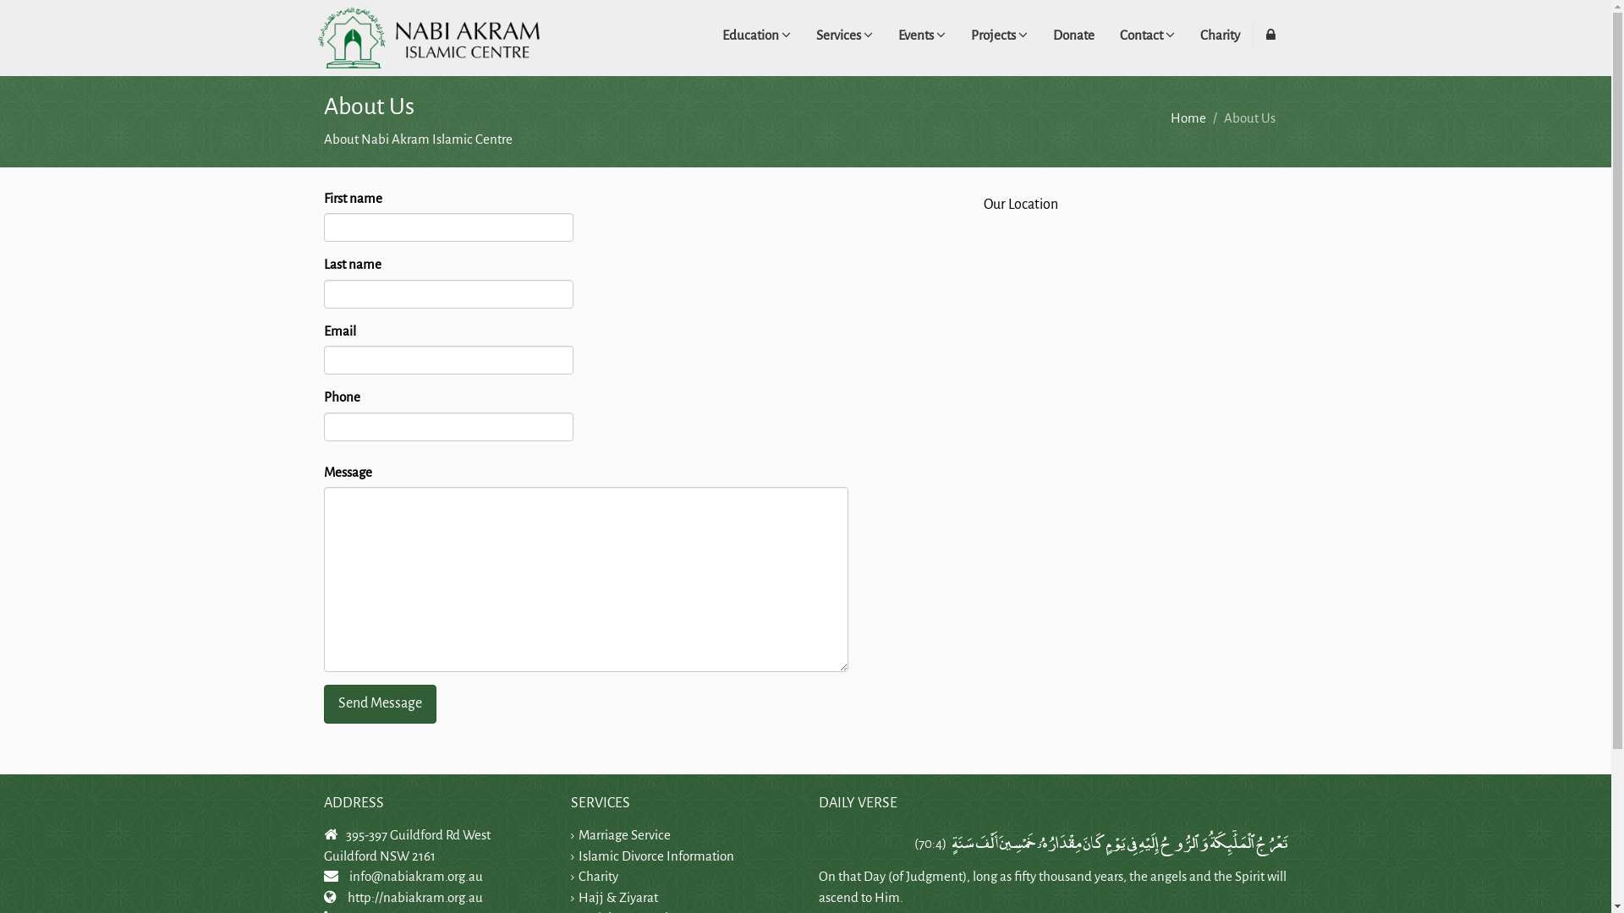  I want to click on 'Marriage Service', so click(623, 834).